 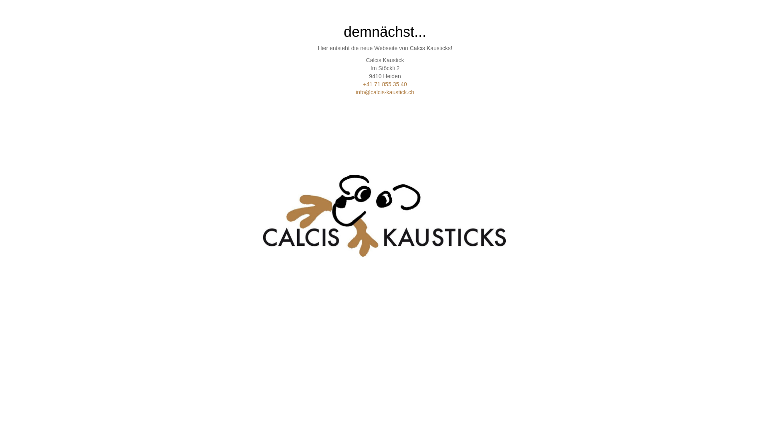 What do you see at coordinates (385, 92) in the screenshot?
I see `'info@calcis-kaustick.ch'` at bounding box center [385, 92].